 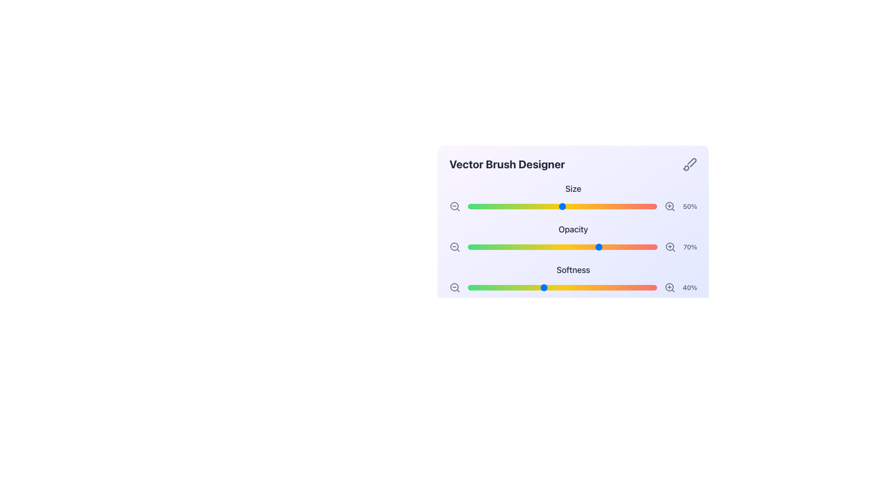 I want to click on the softness level, so click(x=486, y=287).